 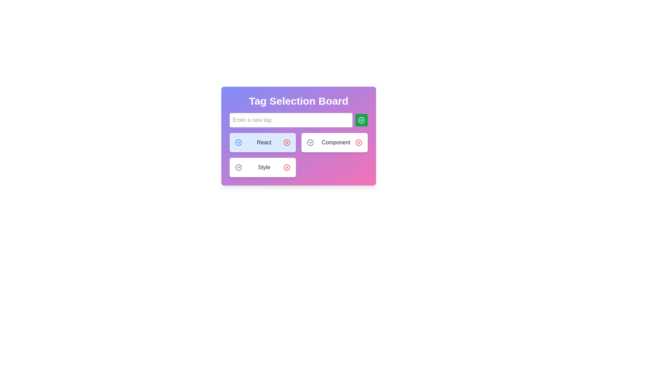 I want to click on the blue circular checkmark SVG icon located in the first tag box labeled 'React' within the 'Tag Selection Board' interface to get visual feedback, so click(x=239, y=142).